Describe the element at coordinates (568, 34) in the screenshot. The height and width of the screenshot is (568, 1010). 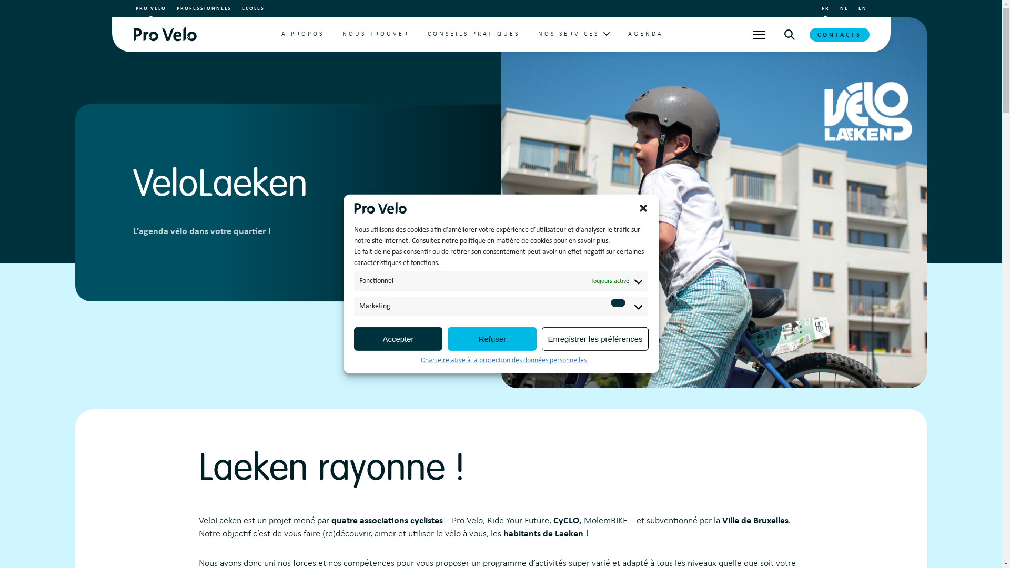
I see `'NOS SERVICES'` at that location.